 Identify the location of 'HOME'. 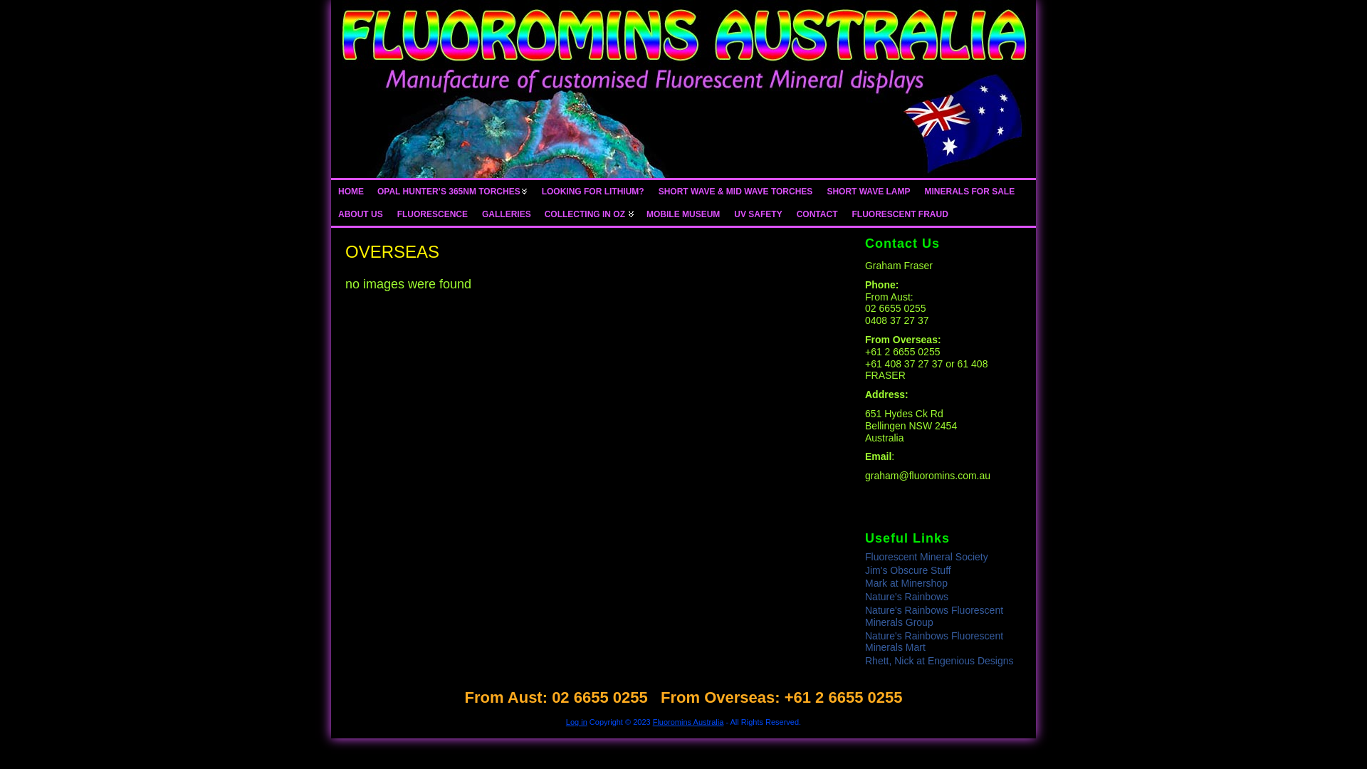
(351, 191).